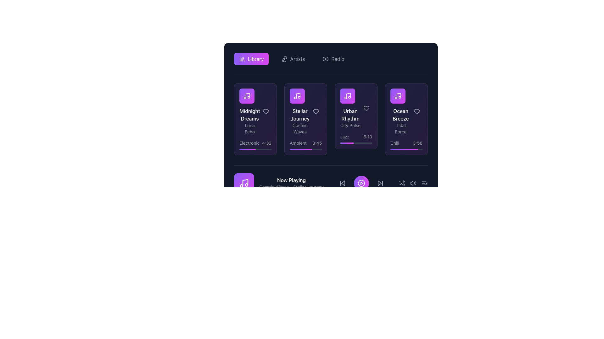 This screenshot has height=339, width=604. I want to click on the static text label displaying secondary information, located directly below the text 'Midnight Dreams' in the first card of the horizontally arranged list, so click(249, 128).